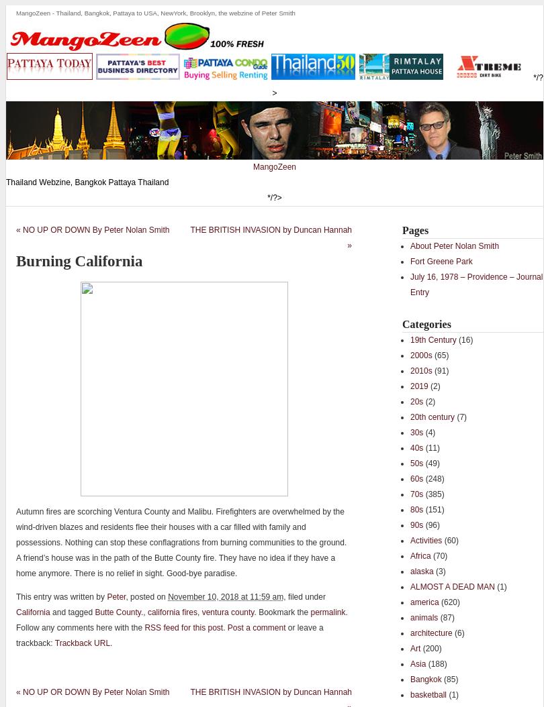 The width and height of the screenshot is (544, 707). I want to click on 'Butte County.', so click(118, 611).